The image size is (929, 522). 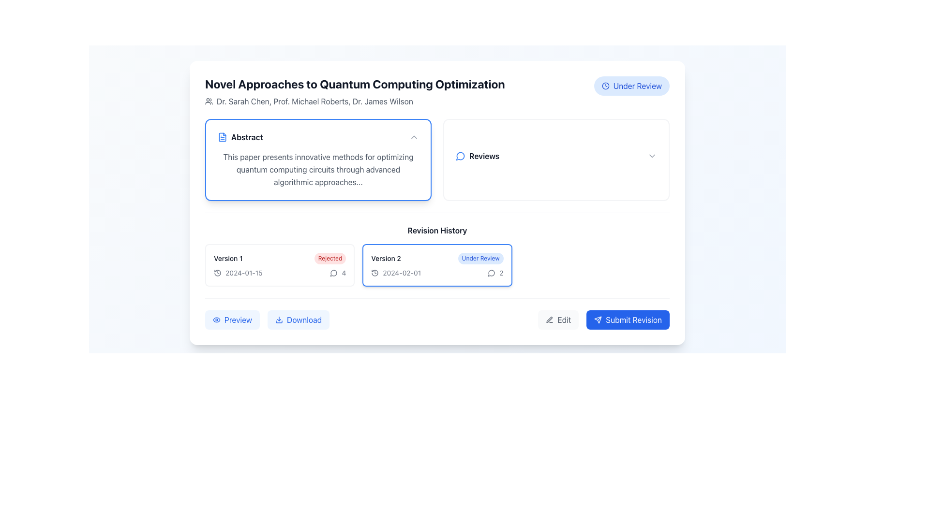 What do you see at coordinates (278, 320) in the screenshot?
I see `the download icon located inside the 'Download' button, which is adjacent to the 'Preview' button in the revision history section` at bounding box center [278, 320].